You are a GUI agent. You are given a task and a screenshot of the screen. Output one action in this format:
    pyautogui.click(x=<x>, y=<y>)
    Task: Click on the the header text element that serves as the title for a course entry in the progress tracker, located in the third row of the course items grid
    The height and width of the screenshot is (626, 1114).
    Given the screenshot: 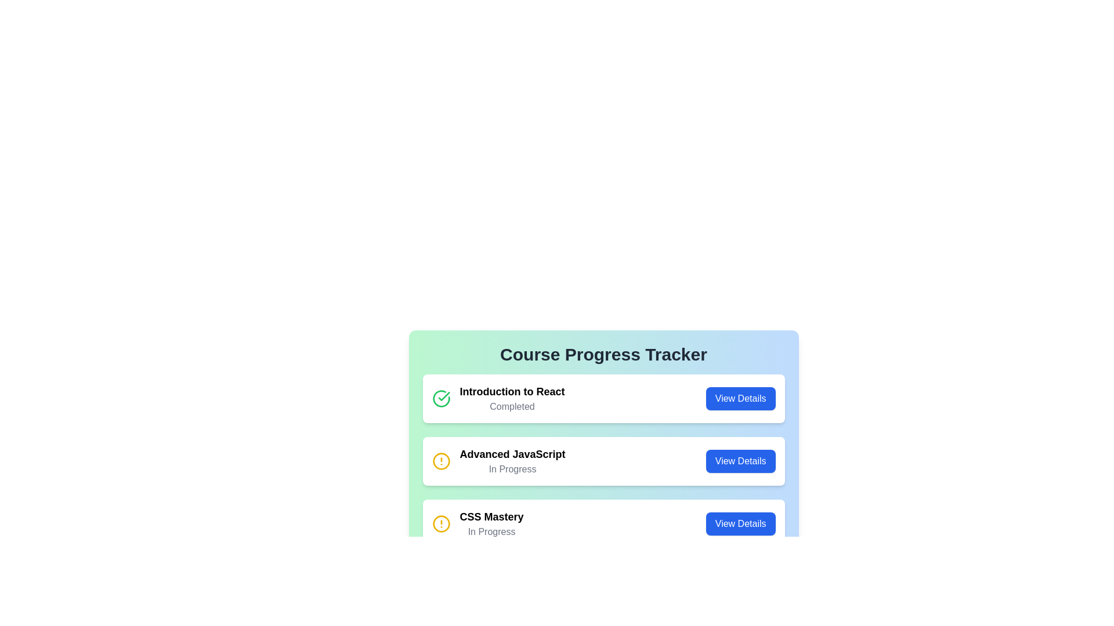 What is the action you would take?
    pyautogui.click(x=491, y=516)
    